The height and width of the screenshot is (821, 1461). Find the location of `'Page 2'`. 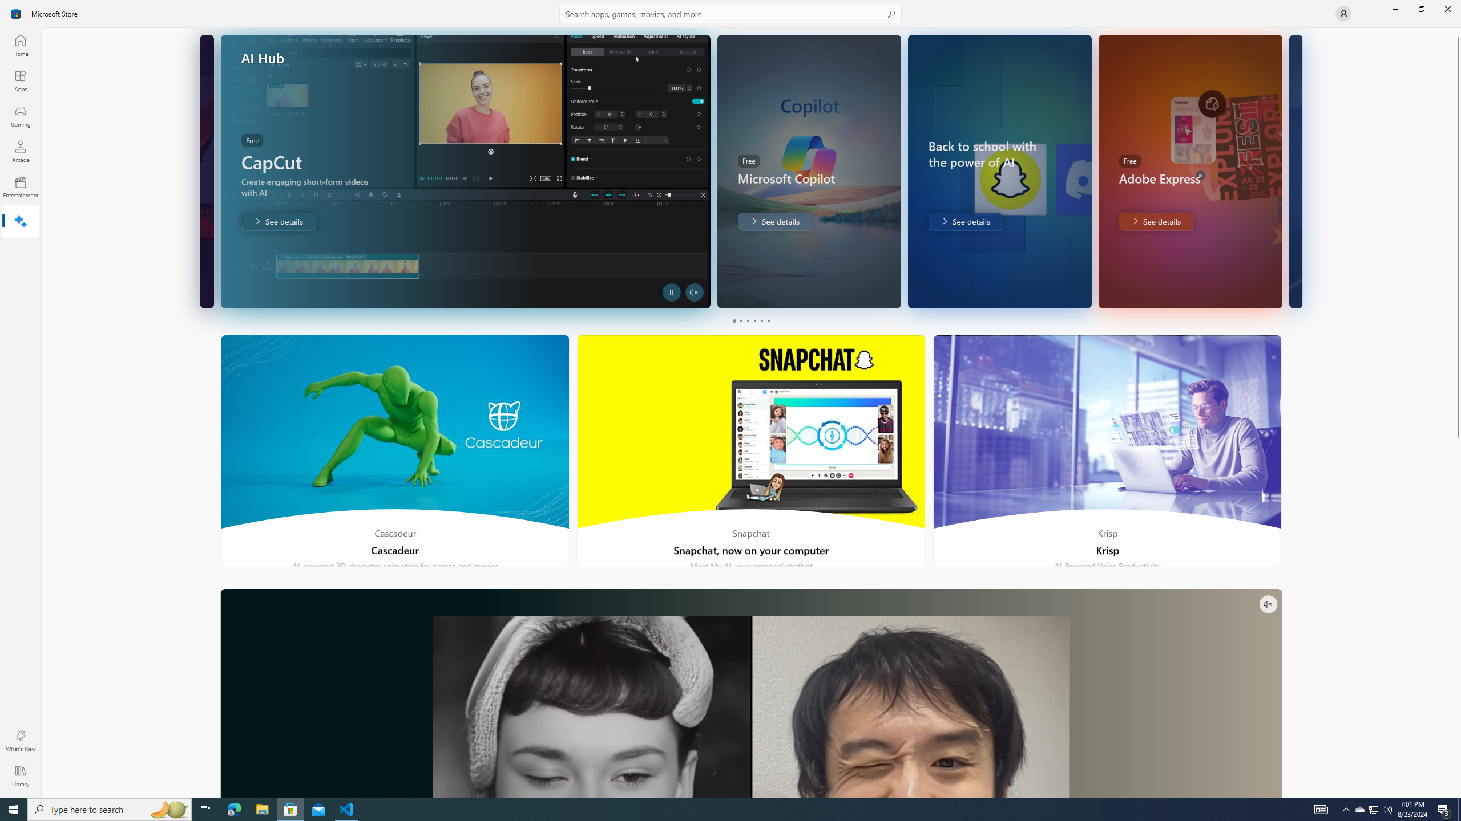

'Page 2' is located at coordinates (740, 320).